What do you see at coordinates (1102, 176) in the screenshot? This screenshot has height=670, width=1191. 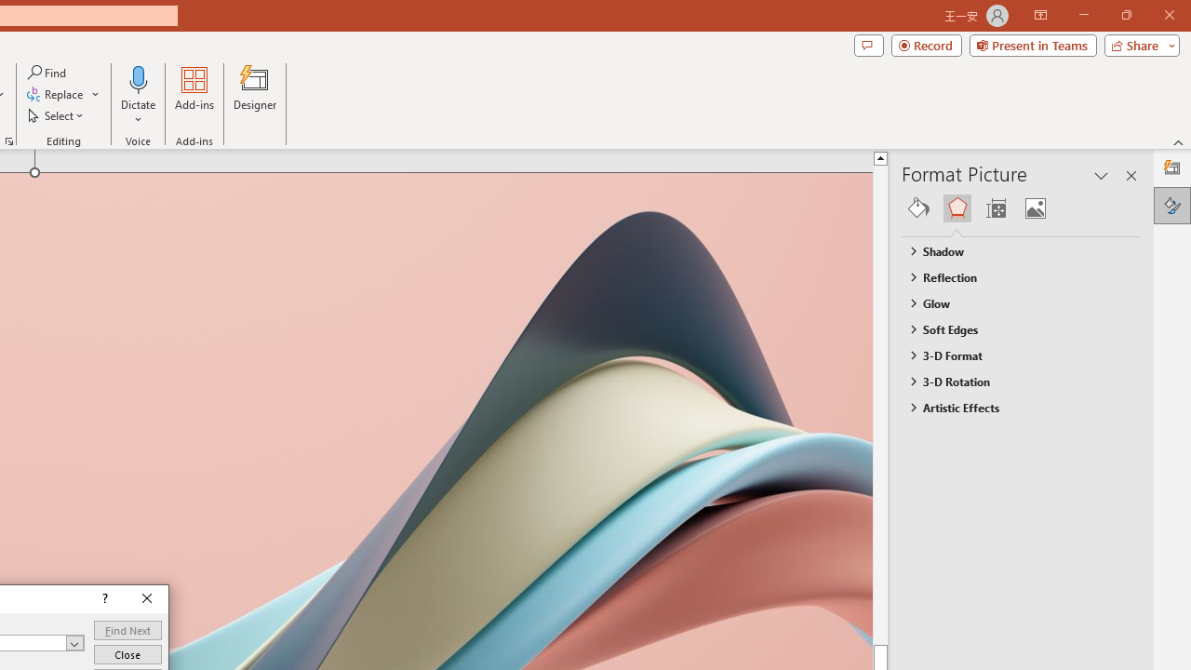 I see `'Task Pane Options'` at bounding box center [1102, 176].